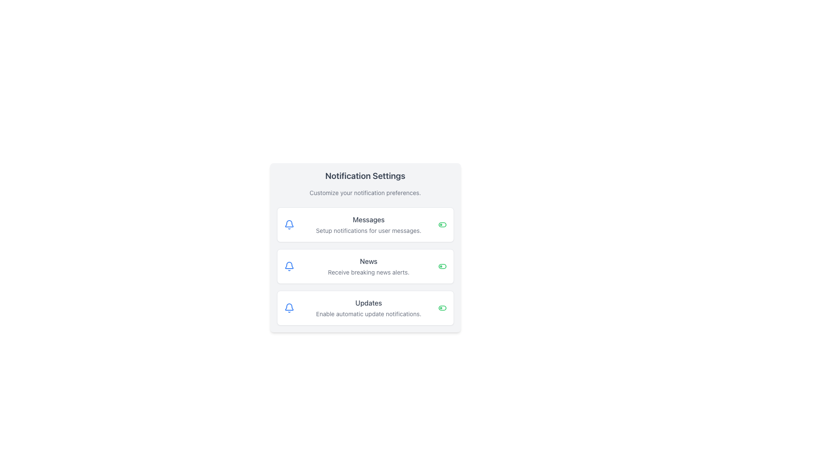 The width and height of the screenshot is (817, 459). Describe the element at coordinates (442, 266) in the screenshot. I see `the left-side toggle switch for notifications labeled 'News' in the Notification Settings section, which is a green rectangular shape with rounded corners` at that location.